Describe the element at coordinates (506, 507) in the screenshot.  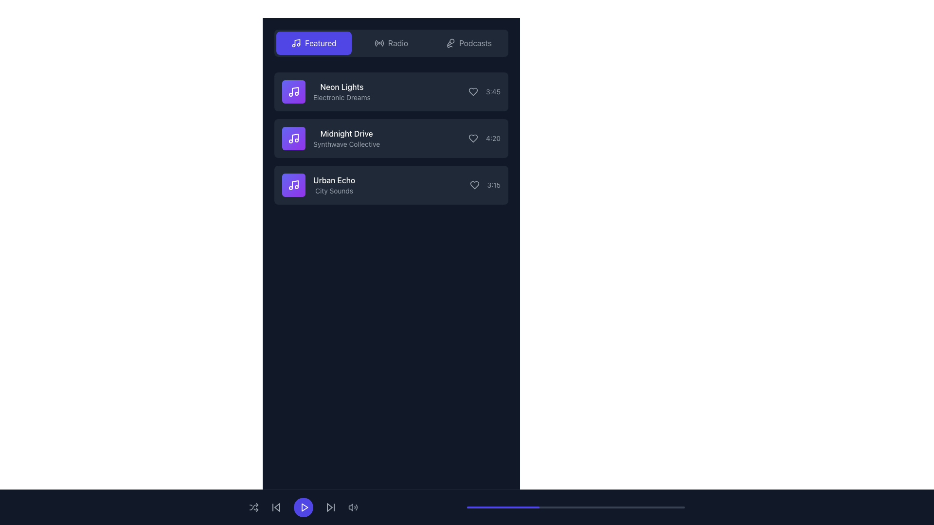
I see `progress` at that location.